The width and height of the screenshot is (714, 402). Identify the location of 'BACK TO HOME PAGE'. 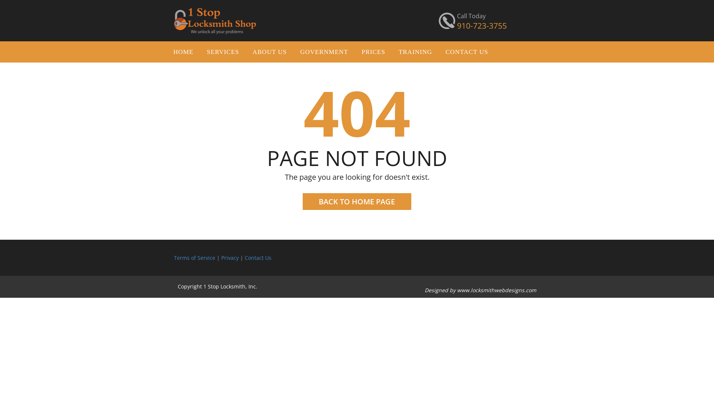
(356, 201).